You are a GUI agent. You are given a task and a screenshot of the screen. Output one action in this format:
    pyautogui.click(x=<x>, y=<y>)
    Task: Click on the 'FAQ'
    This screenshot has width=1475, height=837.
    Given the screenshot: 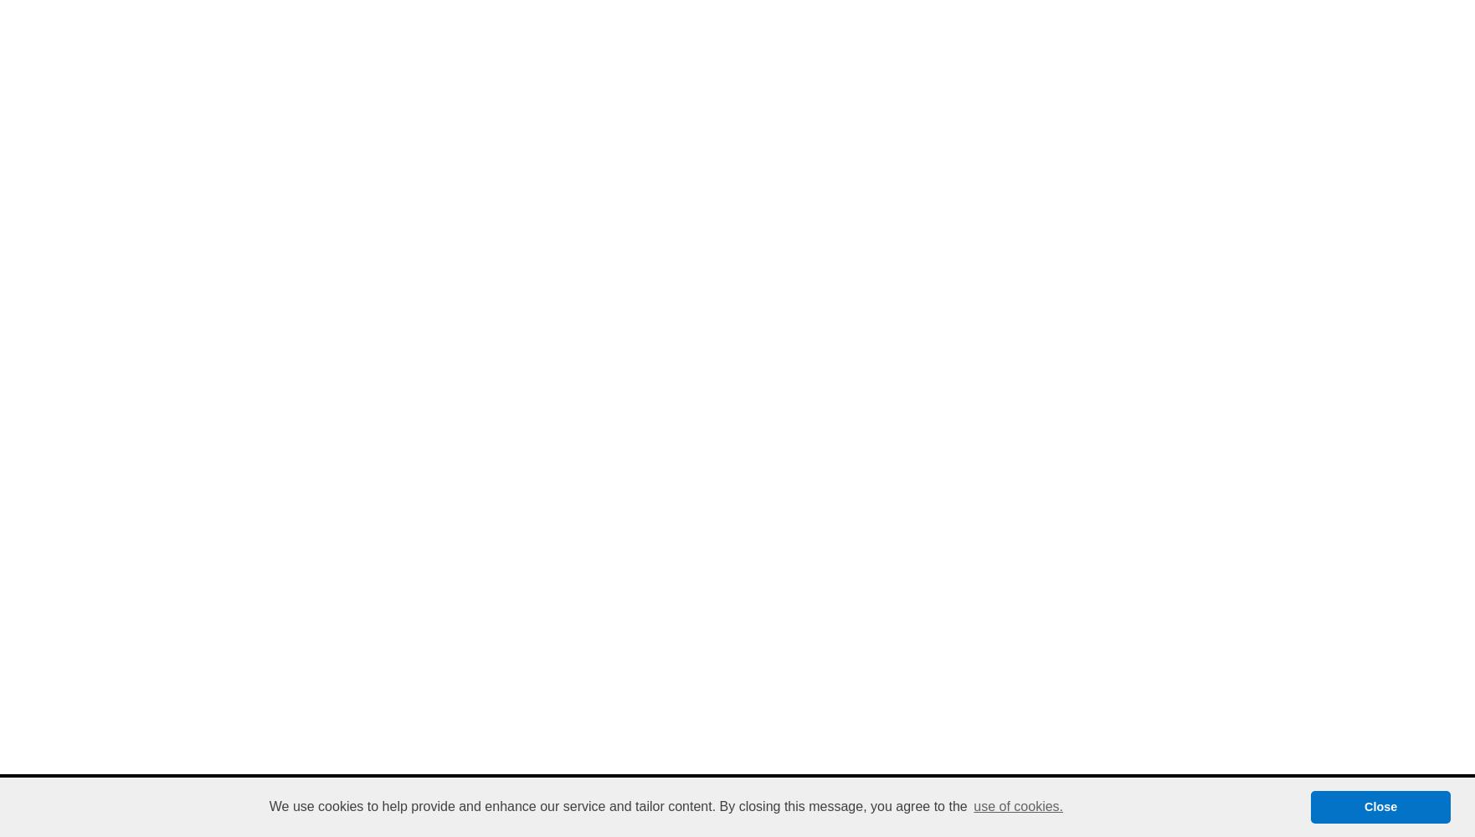 What is the action you would take?
    pyautogui.click(x=660, y=794)
    